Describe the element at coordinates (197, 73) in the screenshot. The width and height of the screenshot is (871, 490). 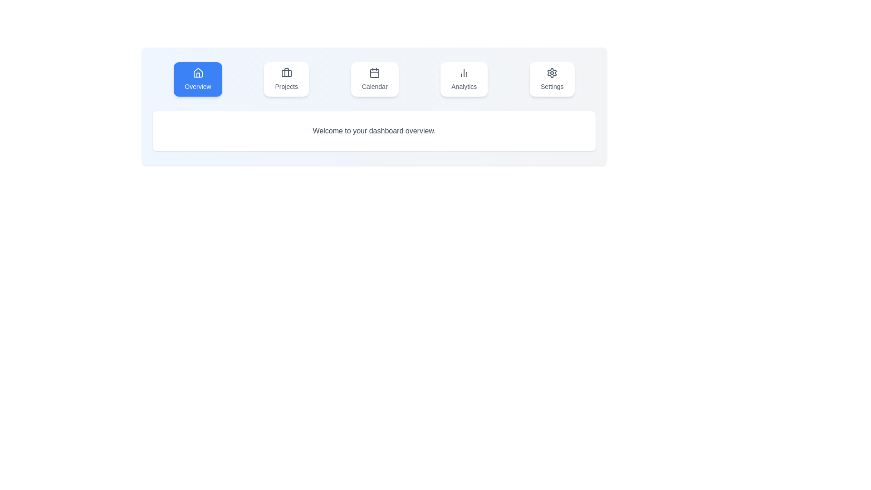
I see `the house-shaped icon located within the blue 'Overview' button at the top left section of the central navigation area` at that location.